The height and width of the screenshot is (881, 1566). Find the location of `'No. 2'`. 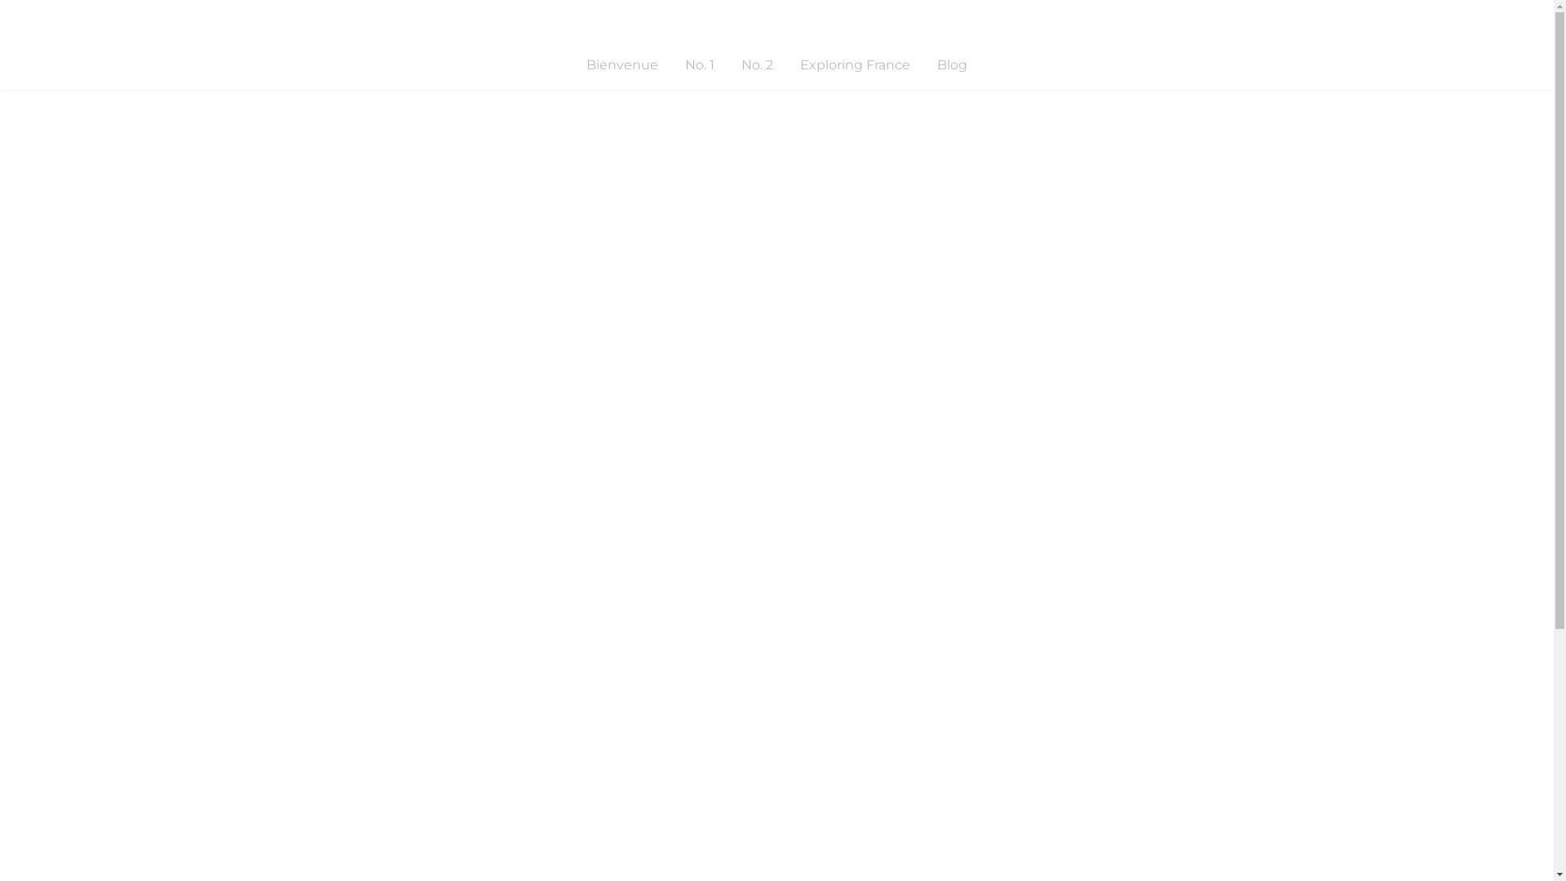

'No. 2' is located at coordinates (756, 64).